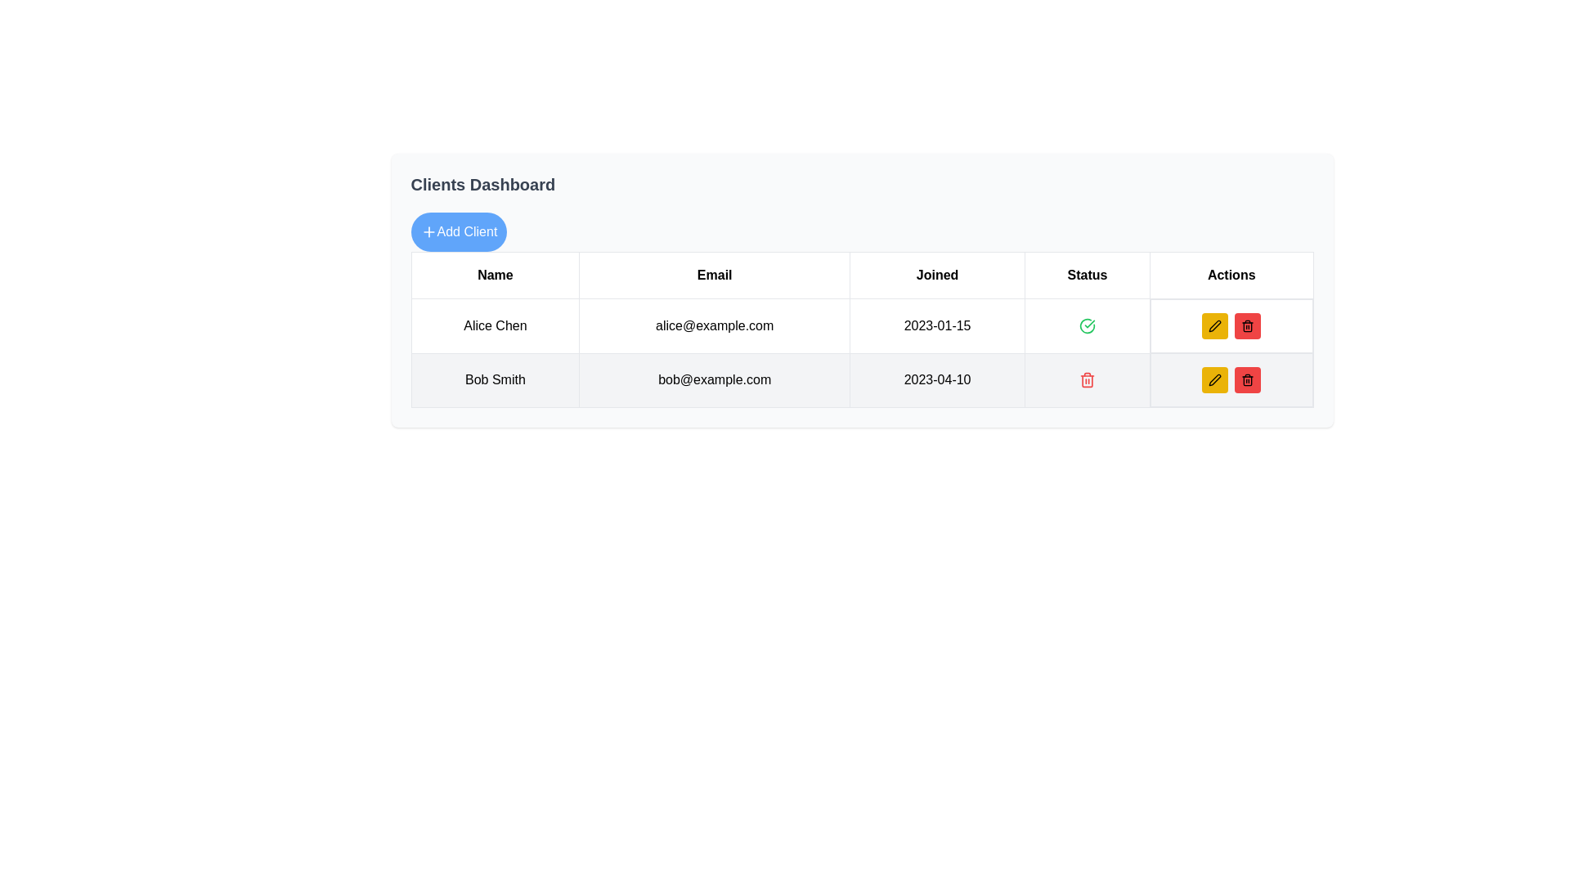 Image resolution: width=1570 pixels, height=883 pixels. What do you see at coordinates (937, 380) in the screenshot?
I see `the static text element displaying the join date in the third column of the second row of the table` at bounding box center [937, 380].